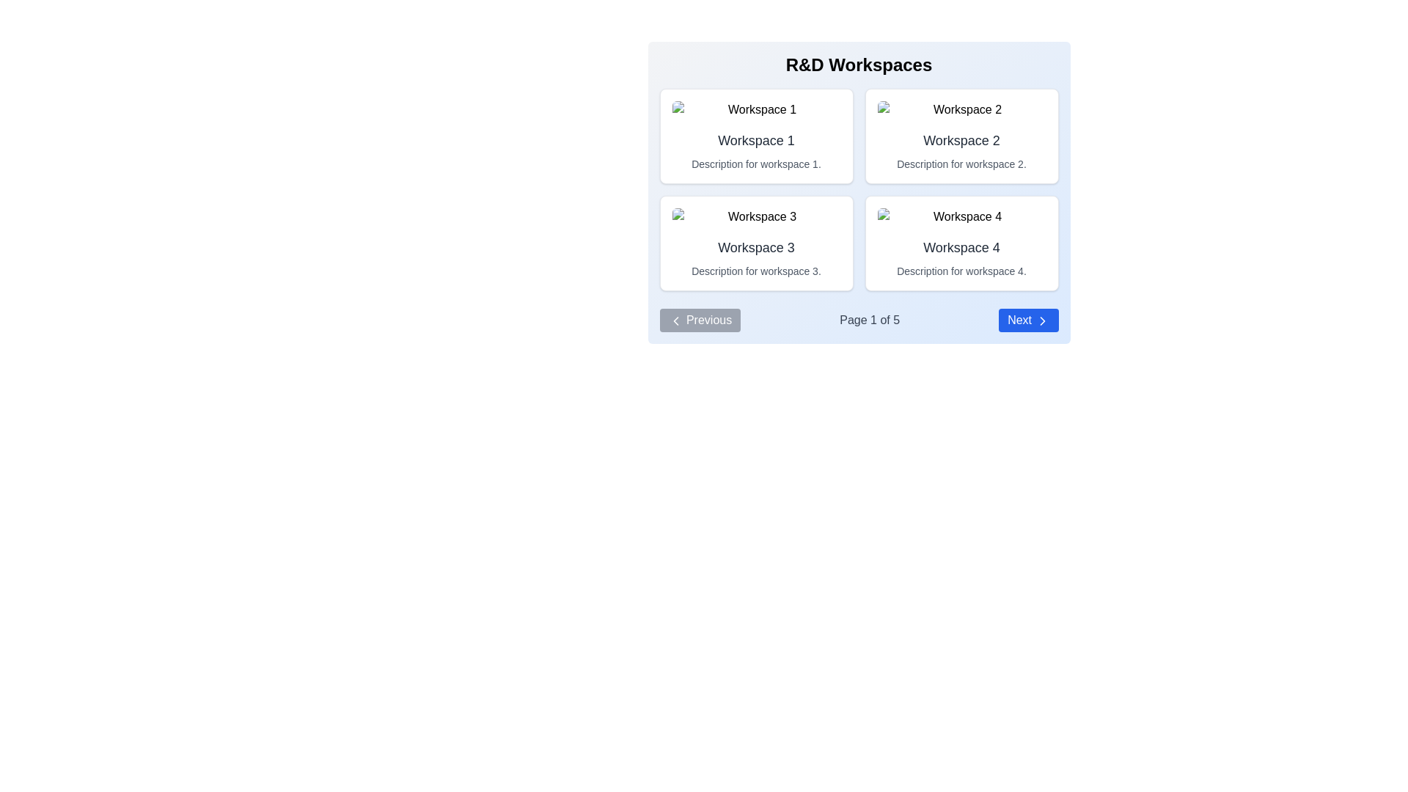 This screenshot has width=1408, height=792. Describe the element at coordinates (675, 320) in the screenshot. I see `the Vector icon indicating the functionality of navigating to the previous page` at that location.